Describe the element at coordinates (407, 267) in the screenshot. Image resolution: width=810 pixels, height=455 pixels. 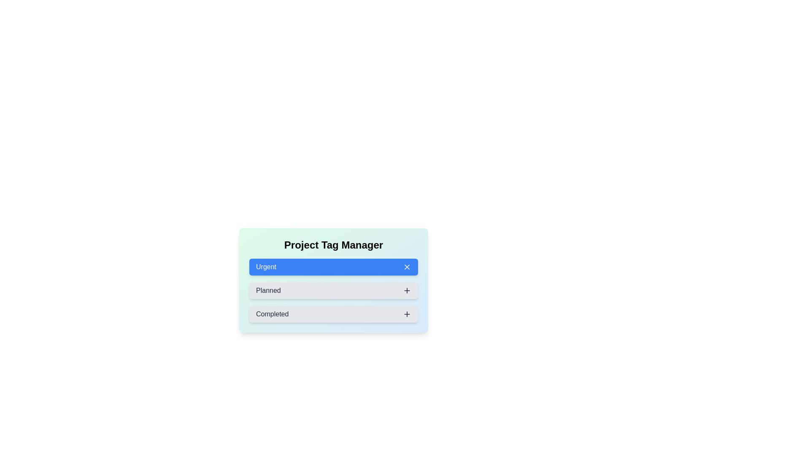
I see `the icon corresponding to Urgent to toggle its state` at that location.